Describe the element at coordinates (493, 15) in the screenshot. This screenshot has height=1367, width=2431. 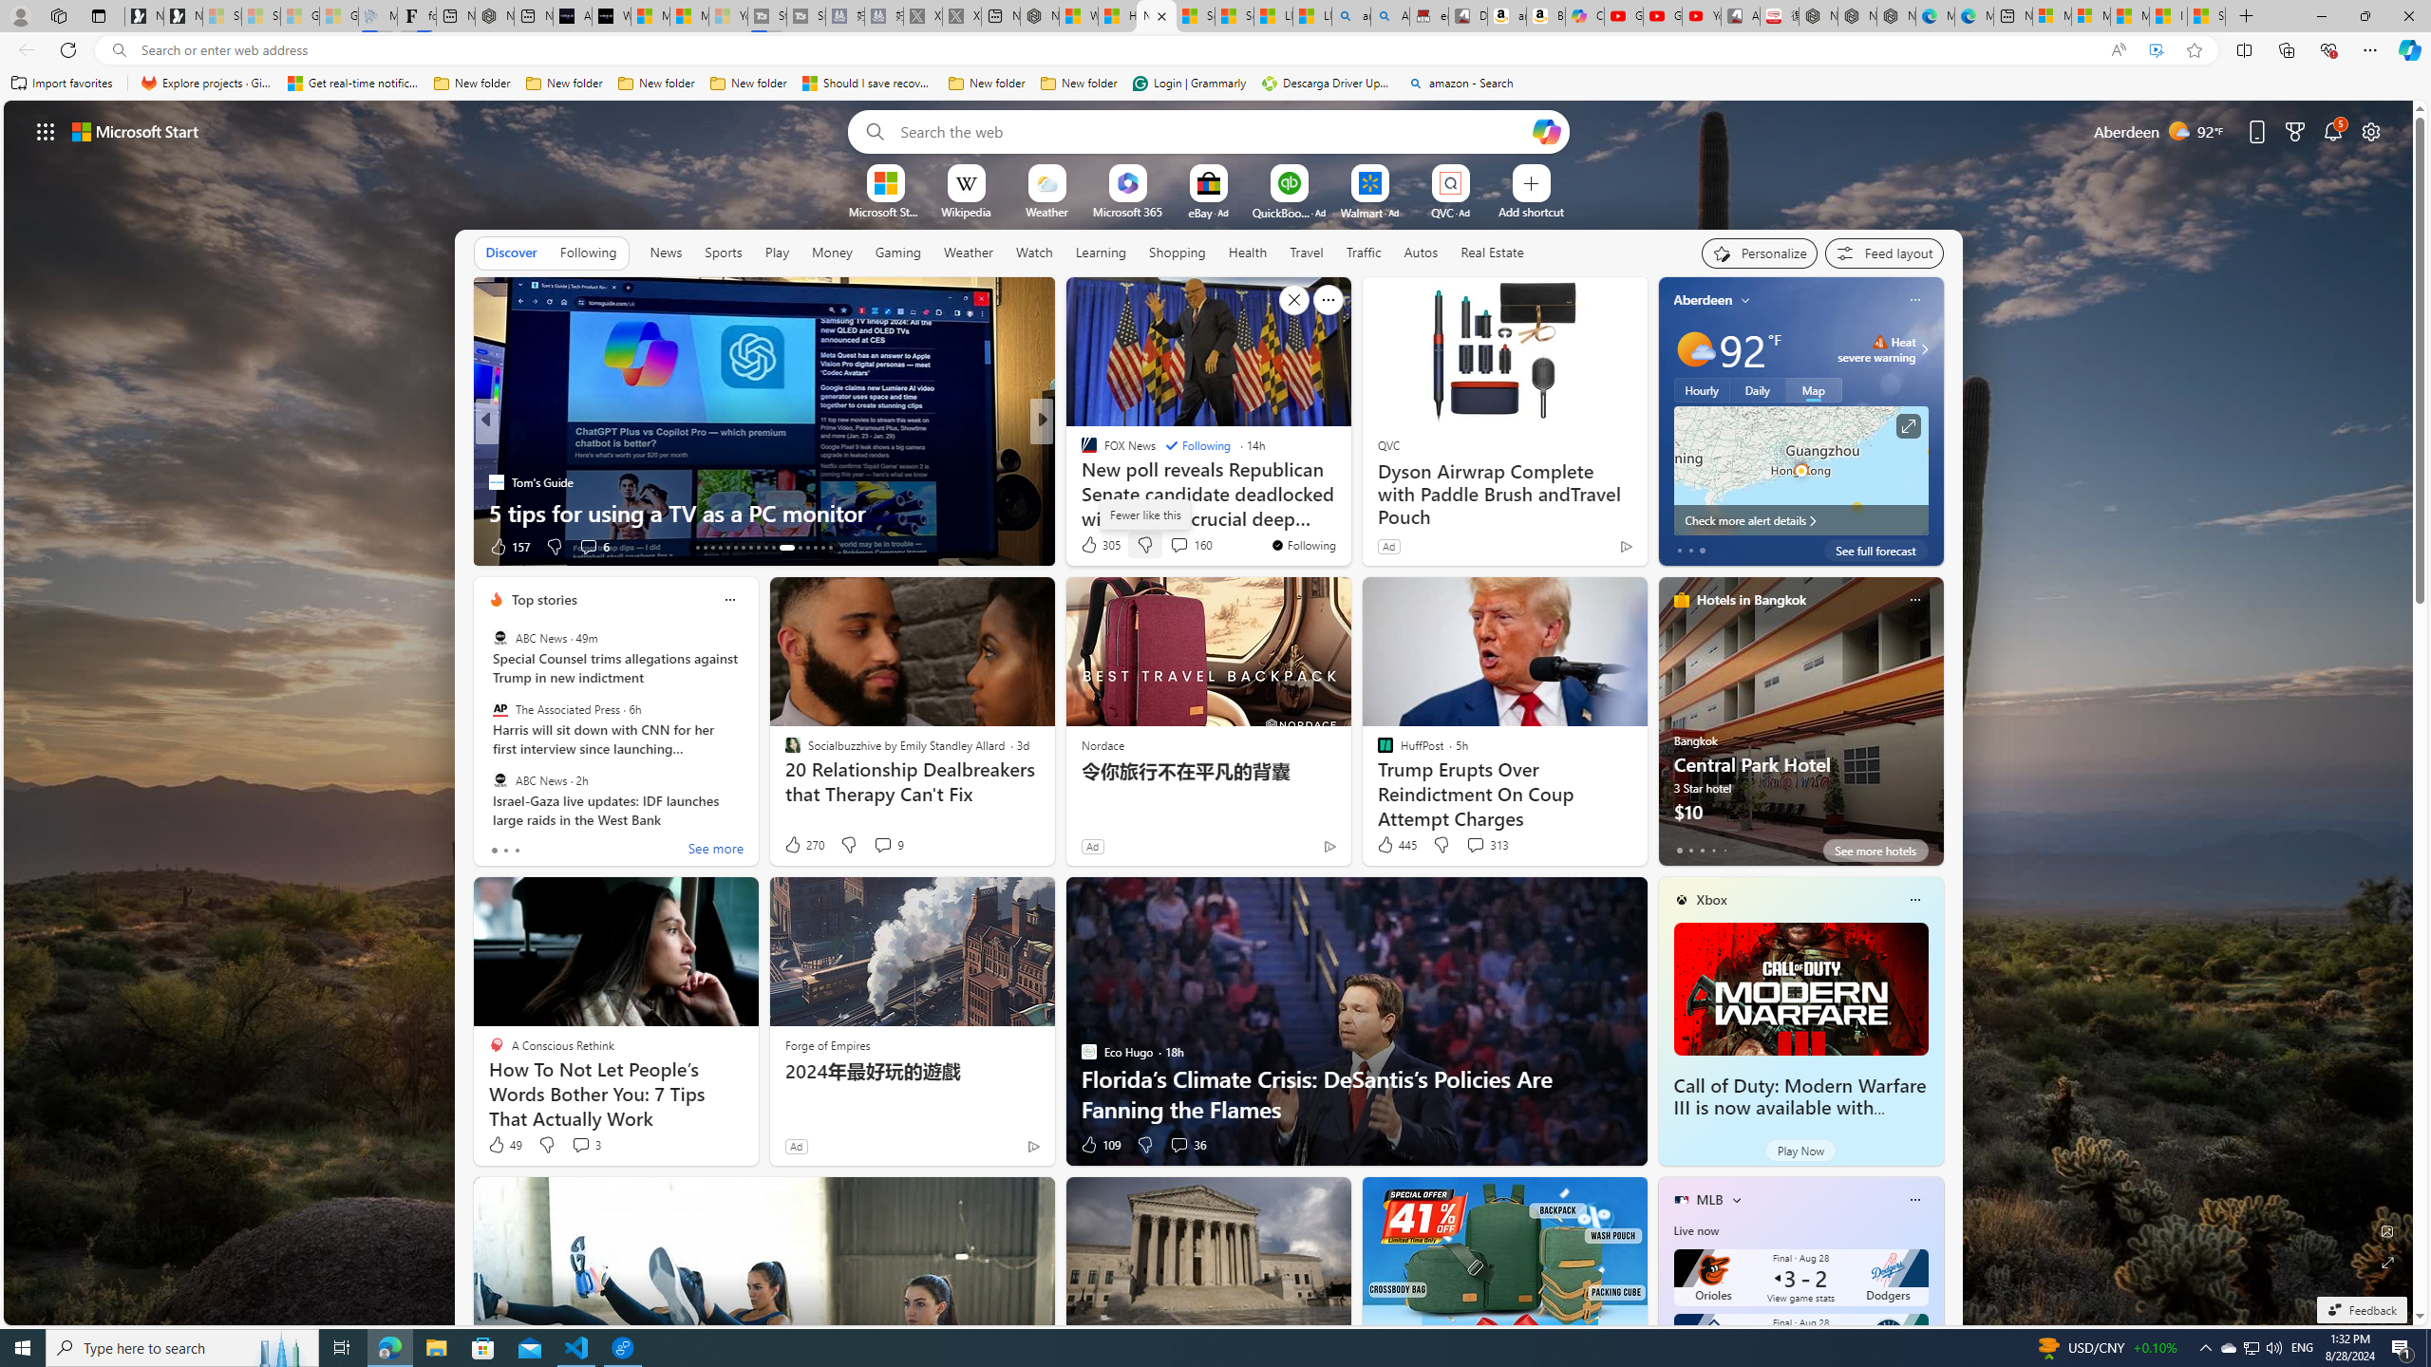
I see `'Nordace - #1 Japanese Best-Seller - Siena Smart Backpack'` at that location.